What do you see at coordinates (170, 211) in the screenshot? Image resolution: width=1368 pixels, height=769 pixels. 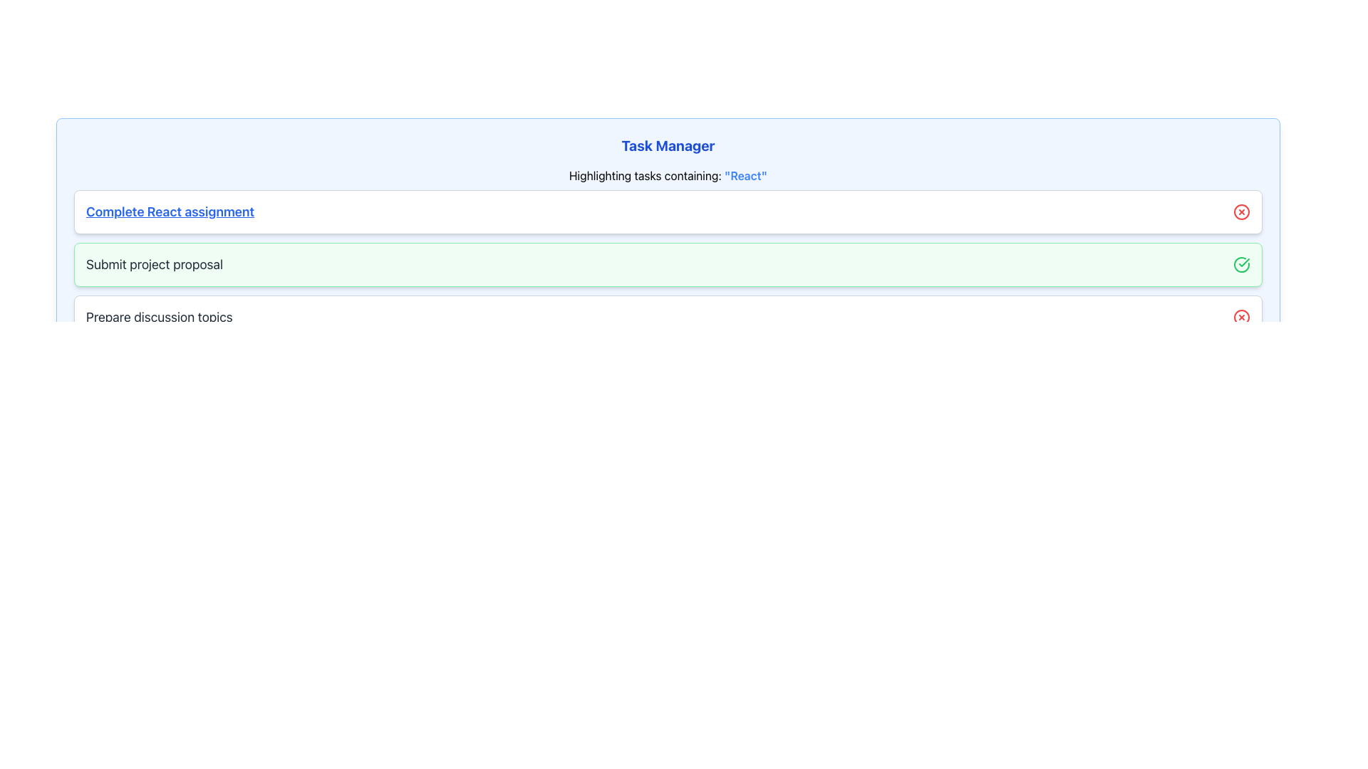 I see `the text link 'Complete React assignment'` at bounding box center [170, 211].